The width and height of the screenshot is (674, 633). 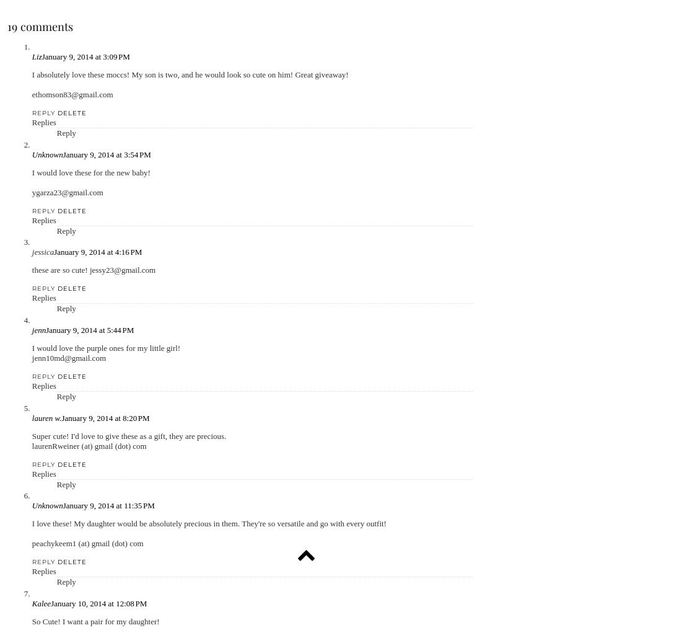 What do you see at coordinates (32, 56) in the screenshot?
I see `'Liz'` at bounding box center [32, 56].